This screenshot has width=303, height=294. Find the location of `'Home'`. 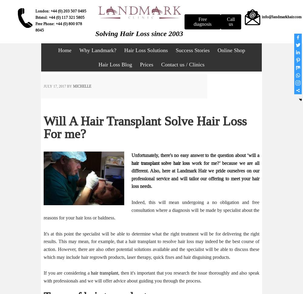

'Home' is located at coordinates (64, 50).